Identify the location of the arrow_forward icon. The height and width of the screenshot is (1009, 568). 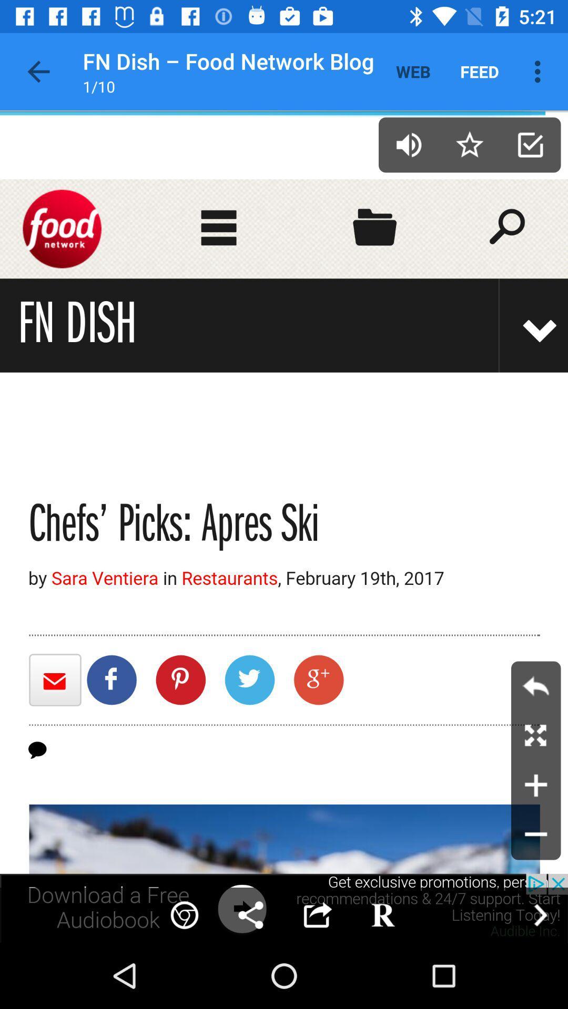
(540, 914).